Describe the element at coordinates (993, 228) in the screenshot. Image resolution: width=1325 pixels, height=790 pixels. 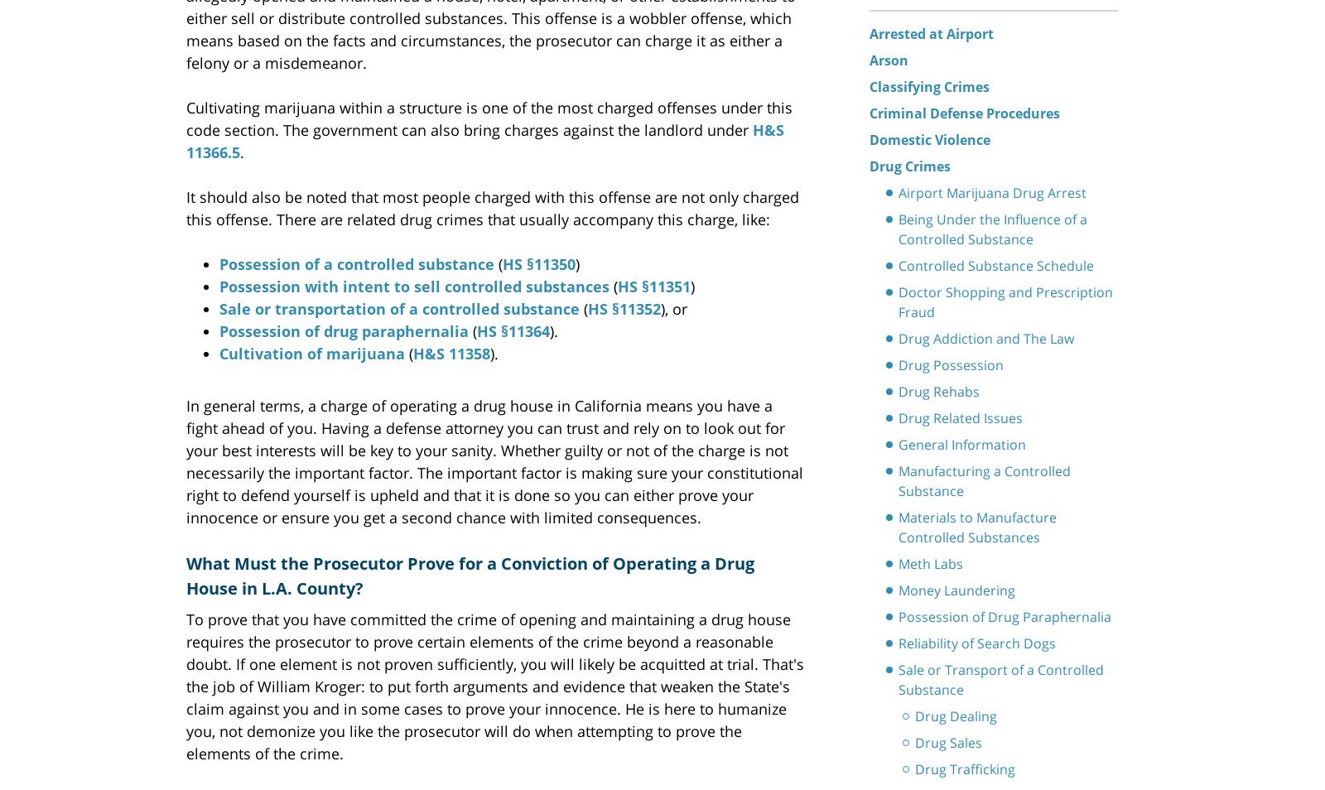
I see `'Being Under the Influence of a Controlled Substance'` at that location.